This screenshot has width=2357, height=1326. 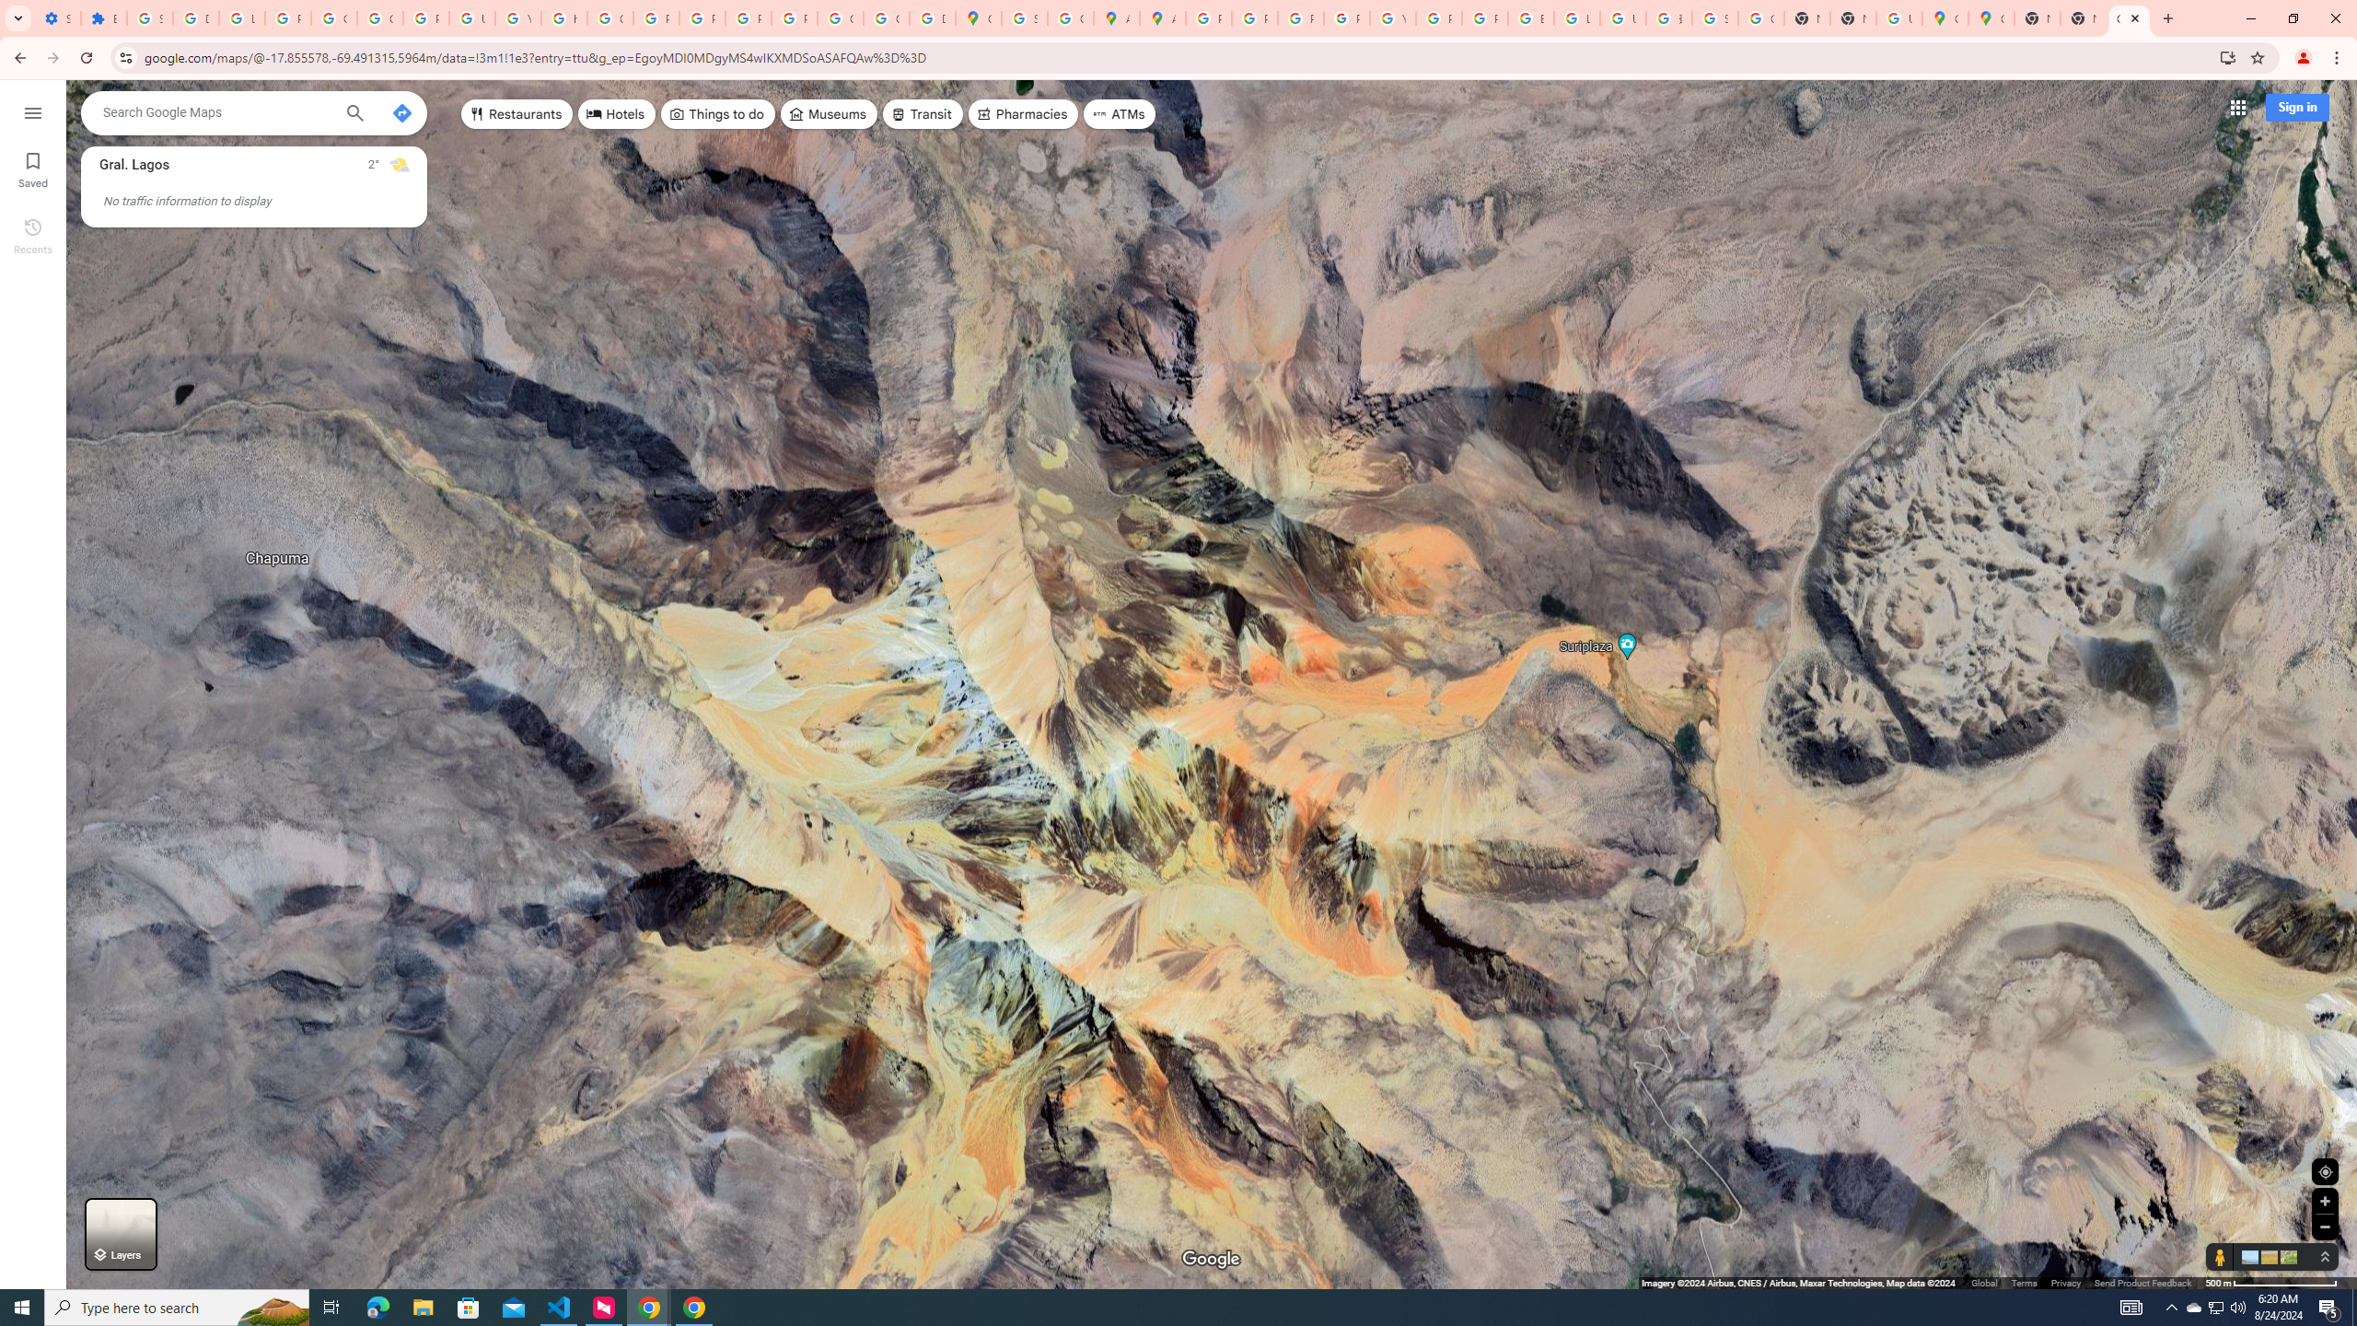 What do you see at coordinates (1984, 1283) in the screenshot?
I see `'Global'` at bounding box center [1984, 1283].